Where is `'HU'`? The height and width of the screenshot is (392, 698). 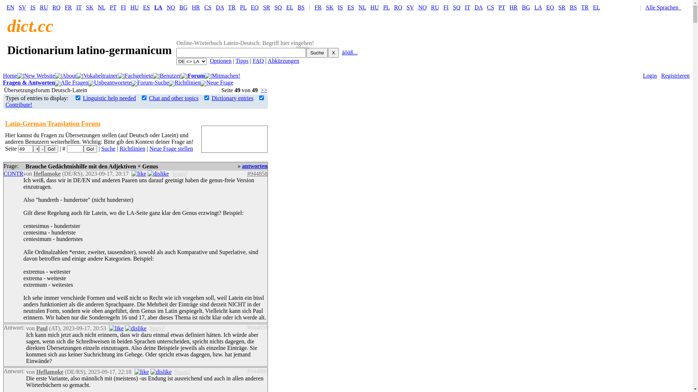
'HU' is located at coordinates (374, 7).